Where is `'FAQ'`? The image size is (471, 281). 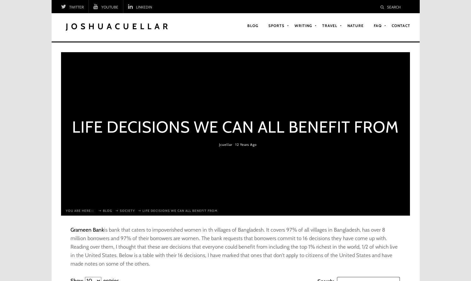
'FAQ' is located at coordinates (373, 25).